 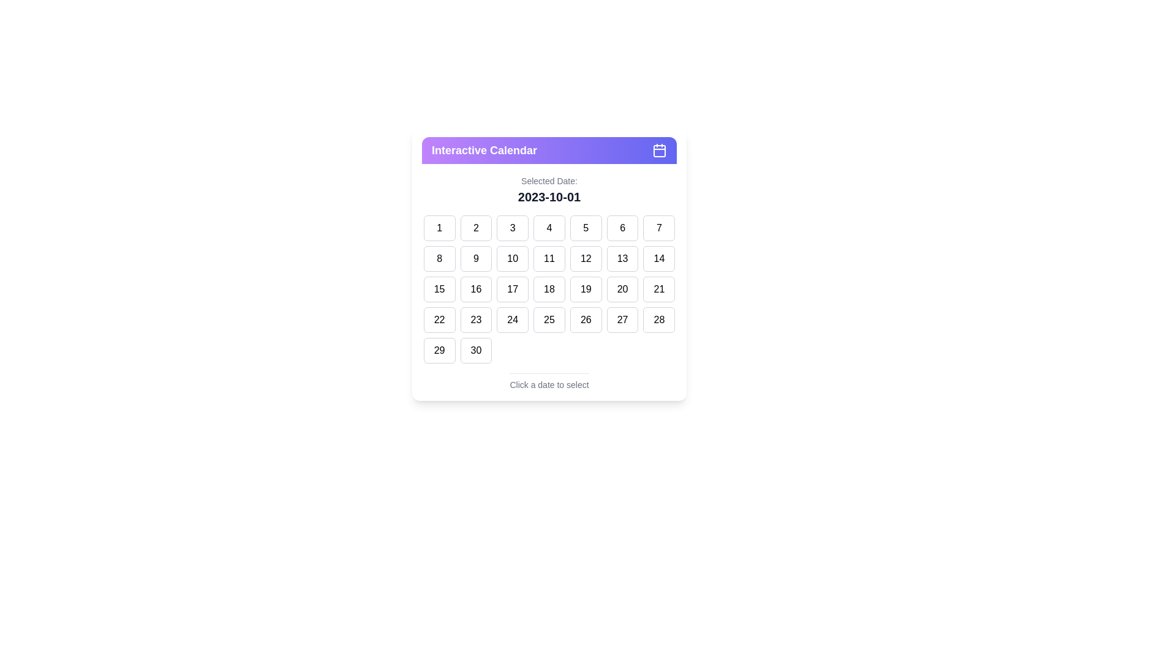 I want to click on the button labeled '26', which is a rectangular button with rounded corners located in the fifth row and fifth column of the grid under 'Interactive Calendar', so click(x=585, y=319).